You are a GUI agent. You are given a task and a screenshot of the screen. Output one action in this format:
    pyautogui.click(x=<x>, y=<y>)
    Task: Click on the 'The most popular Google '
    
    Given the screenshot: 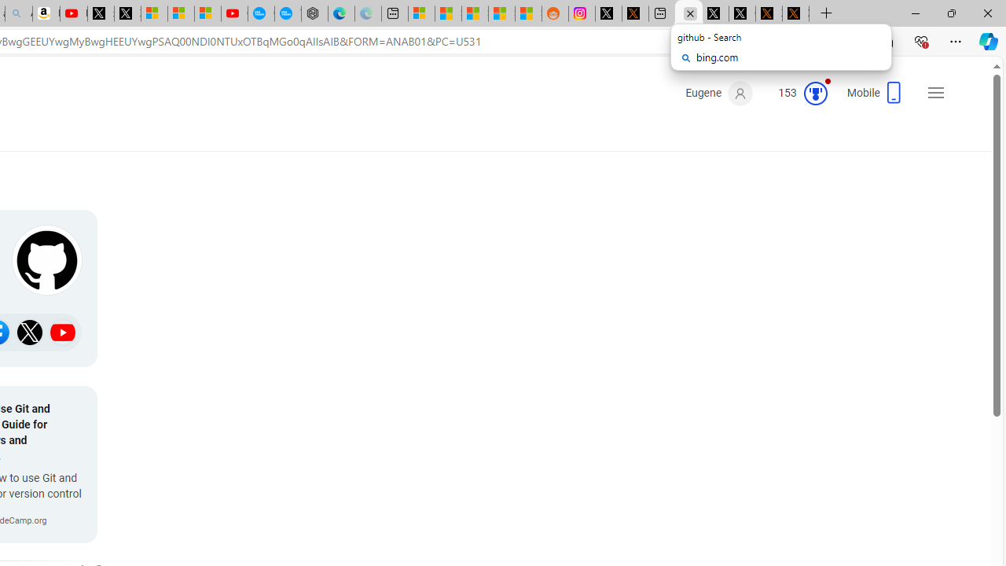 What is the action you would take?
    pyautogui.click(x=288, y=13)
    